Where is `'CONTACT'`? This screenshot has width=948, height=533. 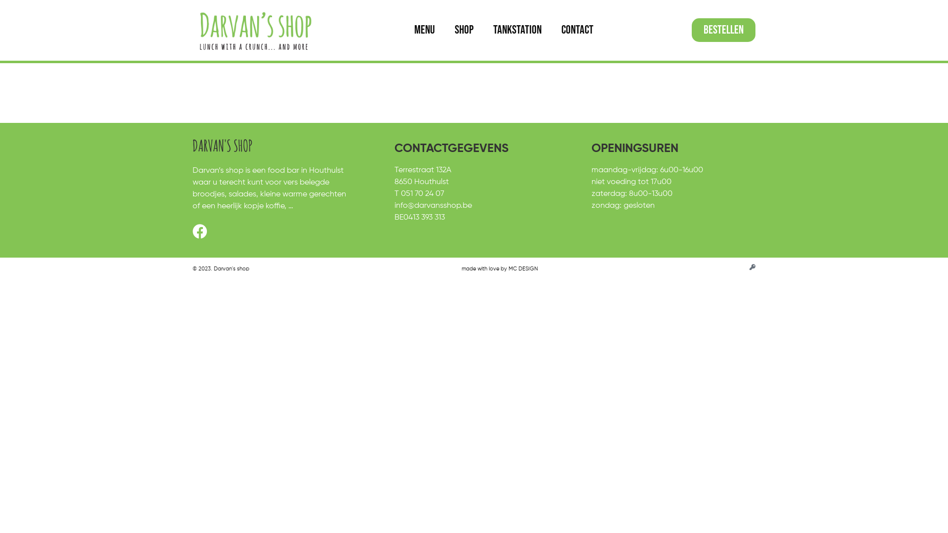
'CONTACT' is located at coordinates (551, 30).